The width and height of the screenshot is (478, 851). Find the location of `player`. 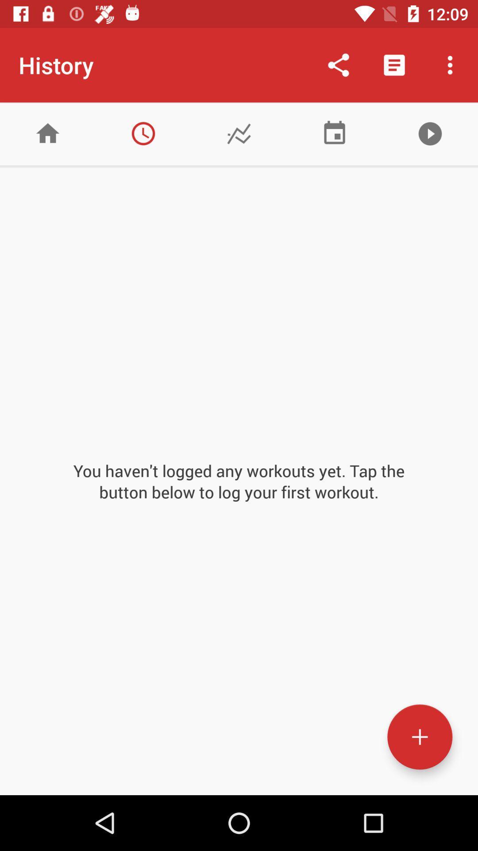

player is located at coordinates (430, 133).